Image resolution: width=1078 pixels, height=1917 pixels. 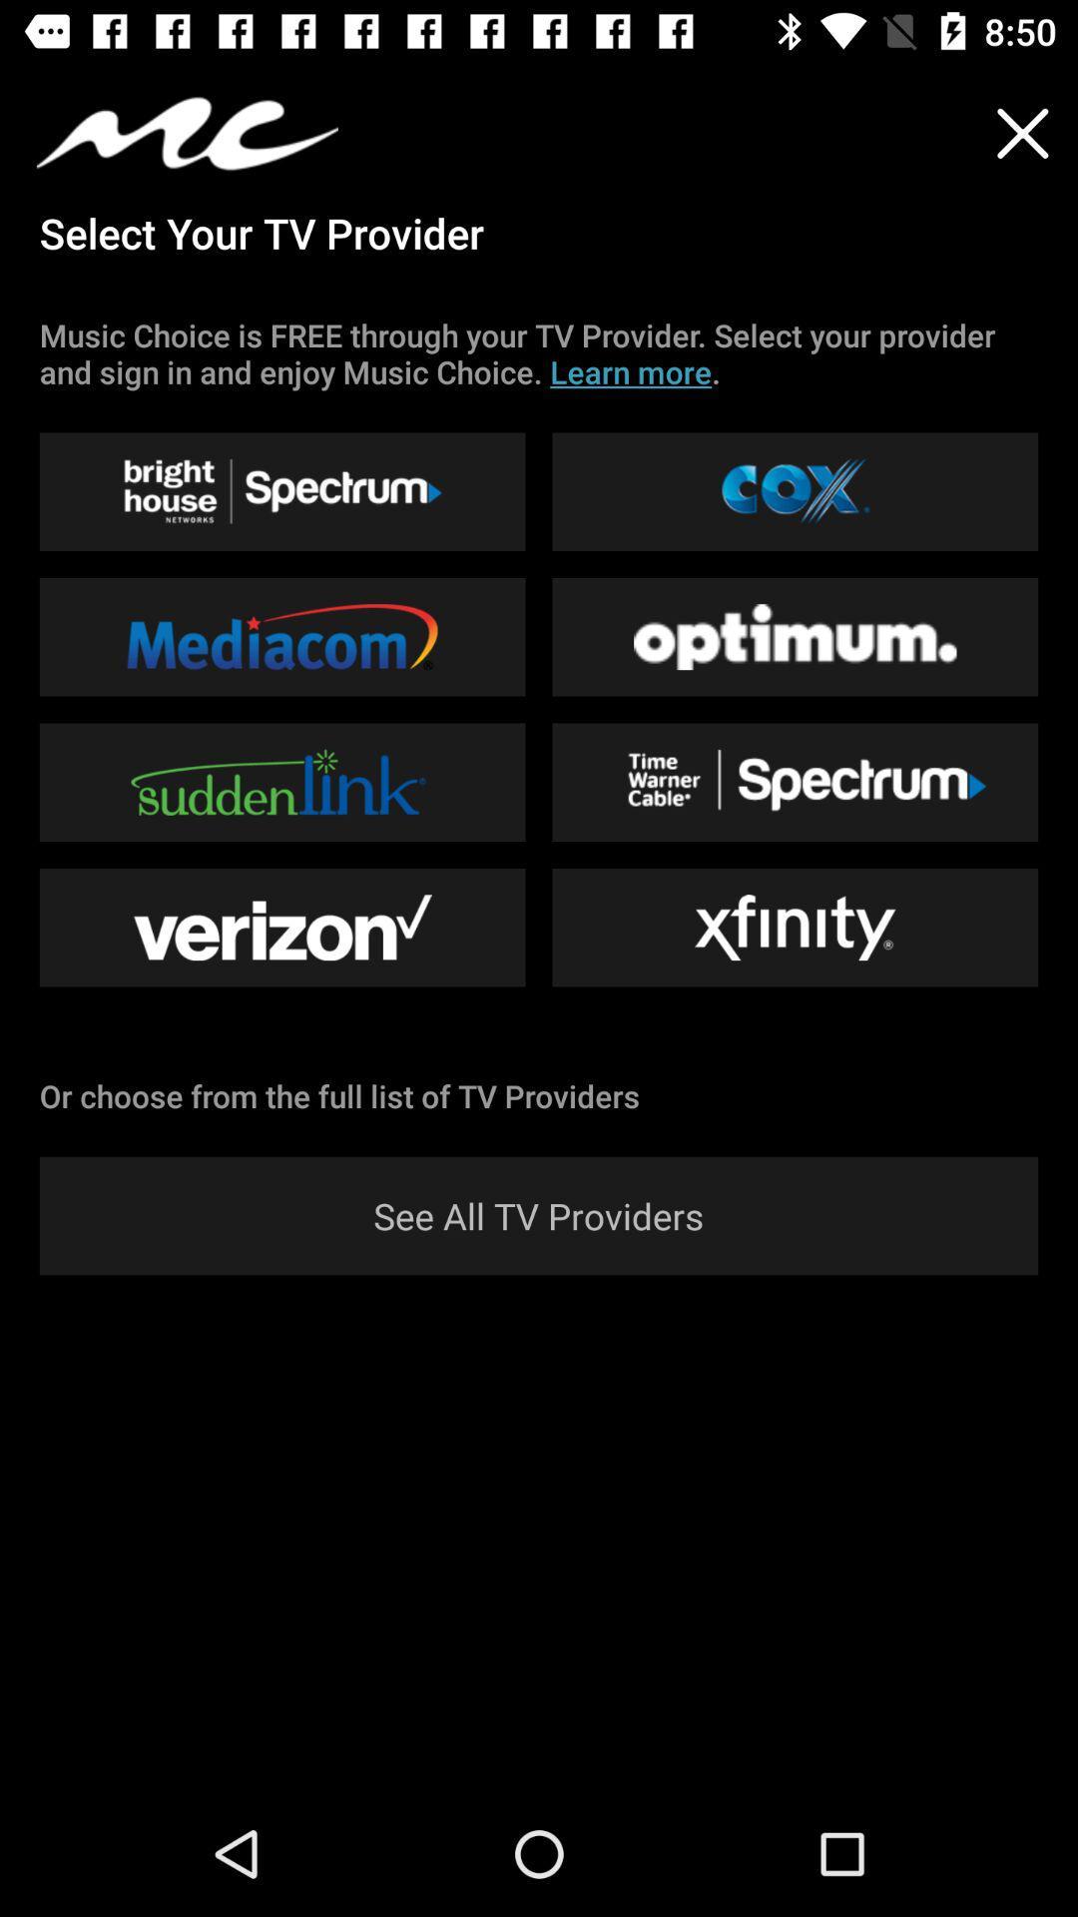 What do you see at coordinates (539, 353) in the screenshot?
I see `icon below the select your tv` at bounding box center [539, 353].